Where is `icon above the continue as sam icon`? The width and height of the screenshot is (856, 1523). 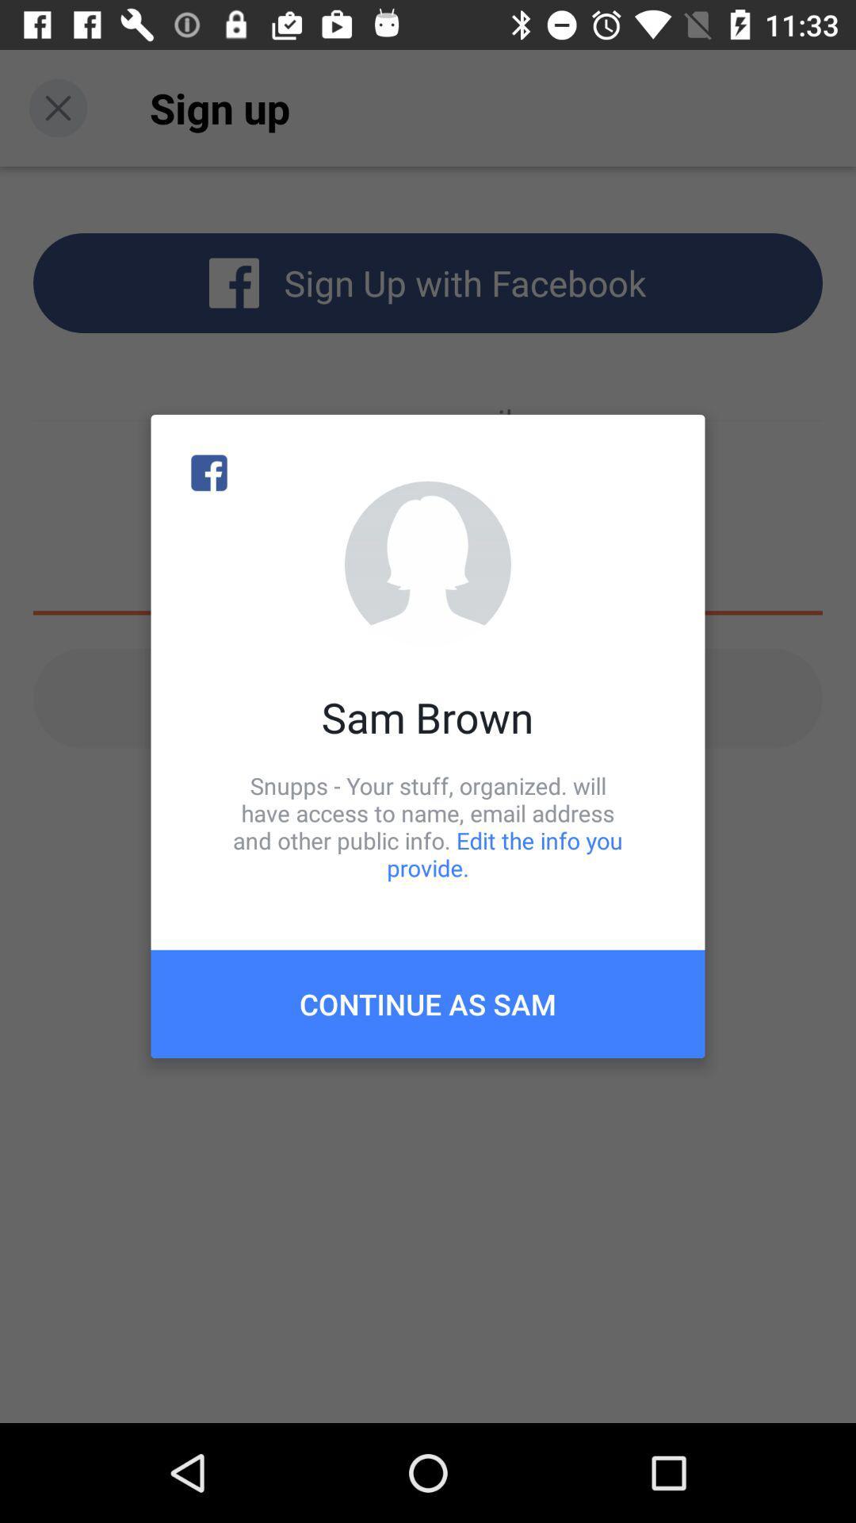
icon above the continue as sam icon is located at coordinates (428, 826).